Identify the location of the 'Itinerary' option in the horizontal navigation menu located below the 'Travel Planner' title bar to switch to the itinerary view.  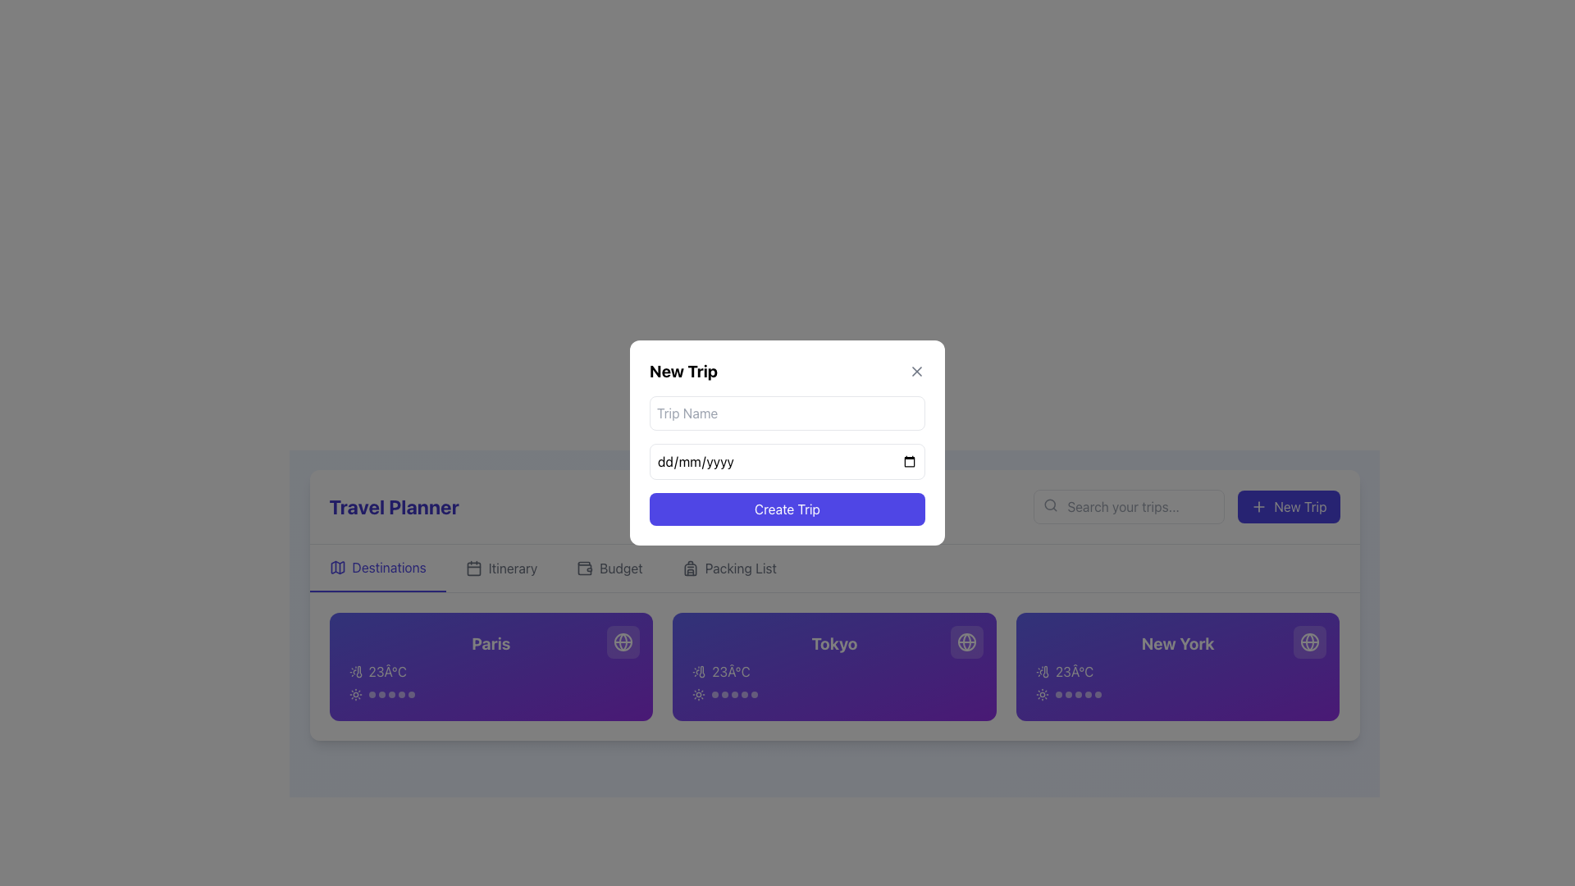
(834, 568).